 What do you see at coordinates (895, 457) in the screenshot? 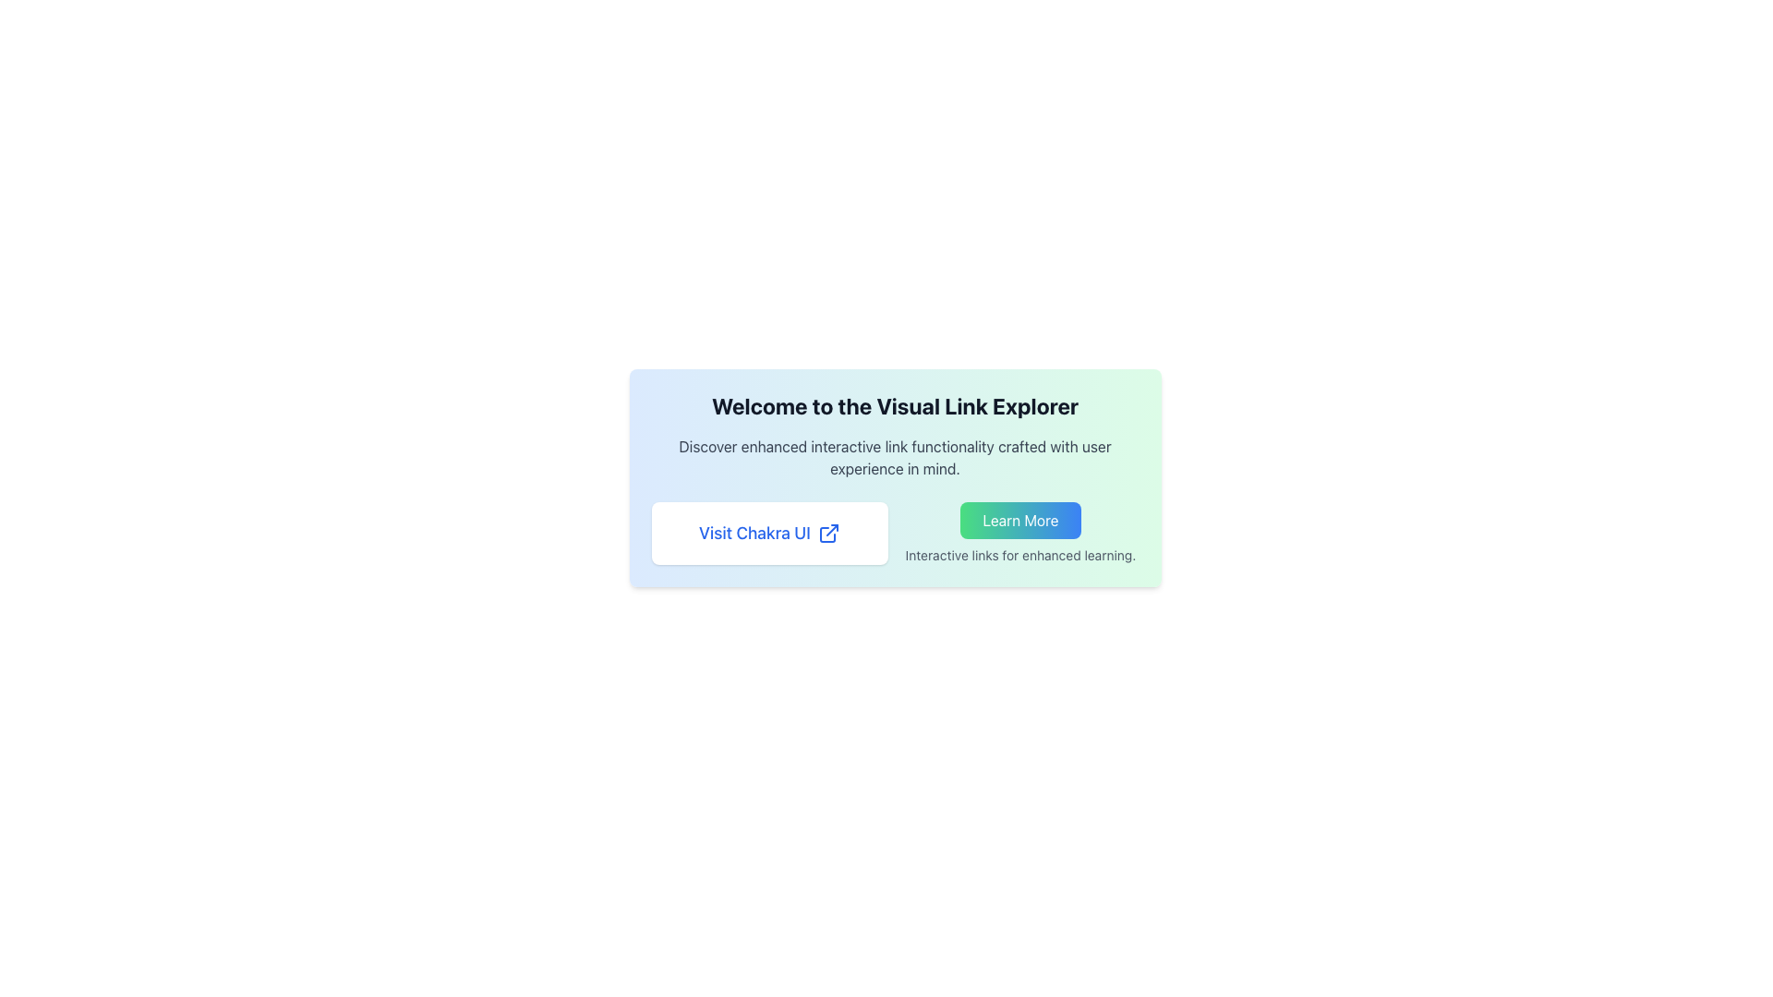
I see `the static text content element that displays 'Discover enhanced interactive link functionality crafted with user experience in mind.'` at bounding box center [895, 457].